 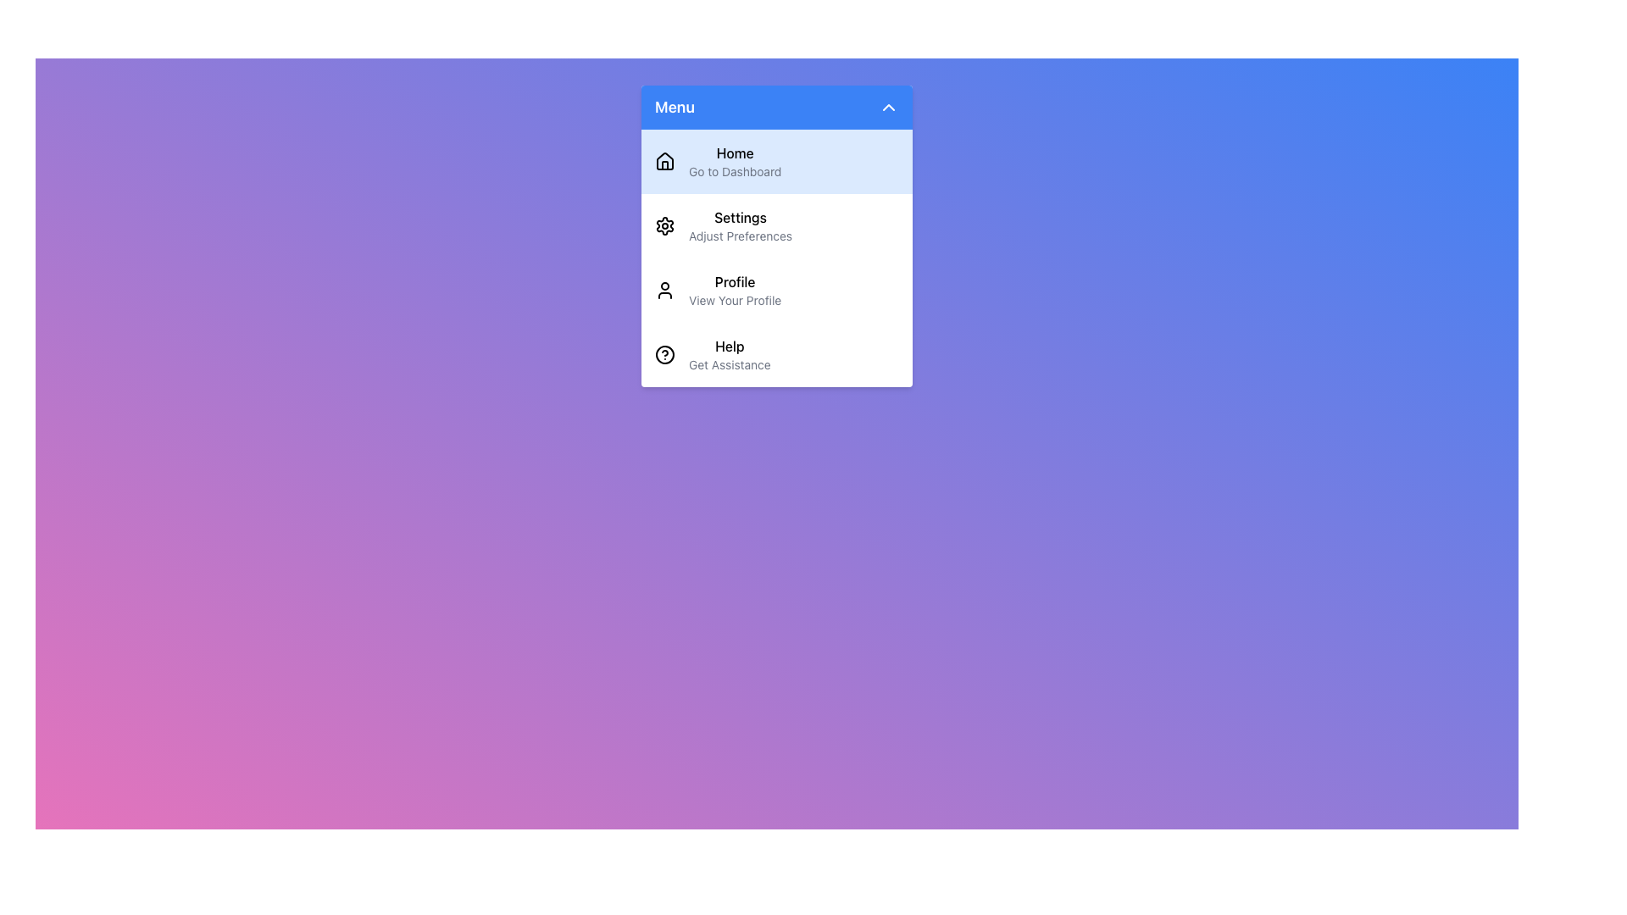 I want to click on the 'Help' label within the dropdown menu, so click(x=730, y=345).